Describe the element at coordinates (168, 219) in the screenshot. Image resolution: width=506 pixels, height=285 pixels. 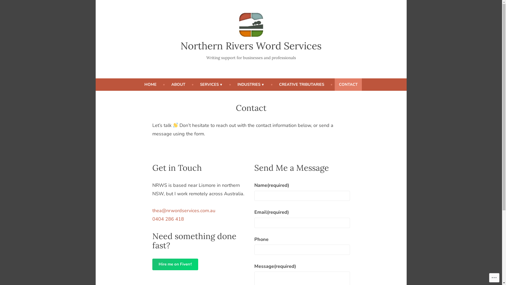
I see `'0404 286 418'` at that location.